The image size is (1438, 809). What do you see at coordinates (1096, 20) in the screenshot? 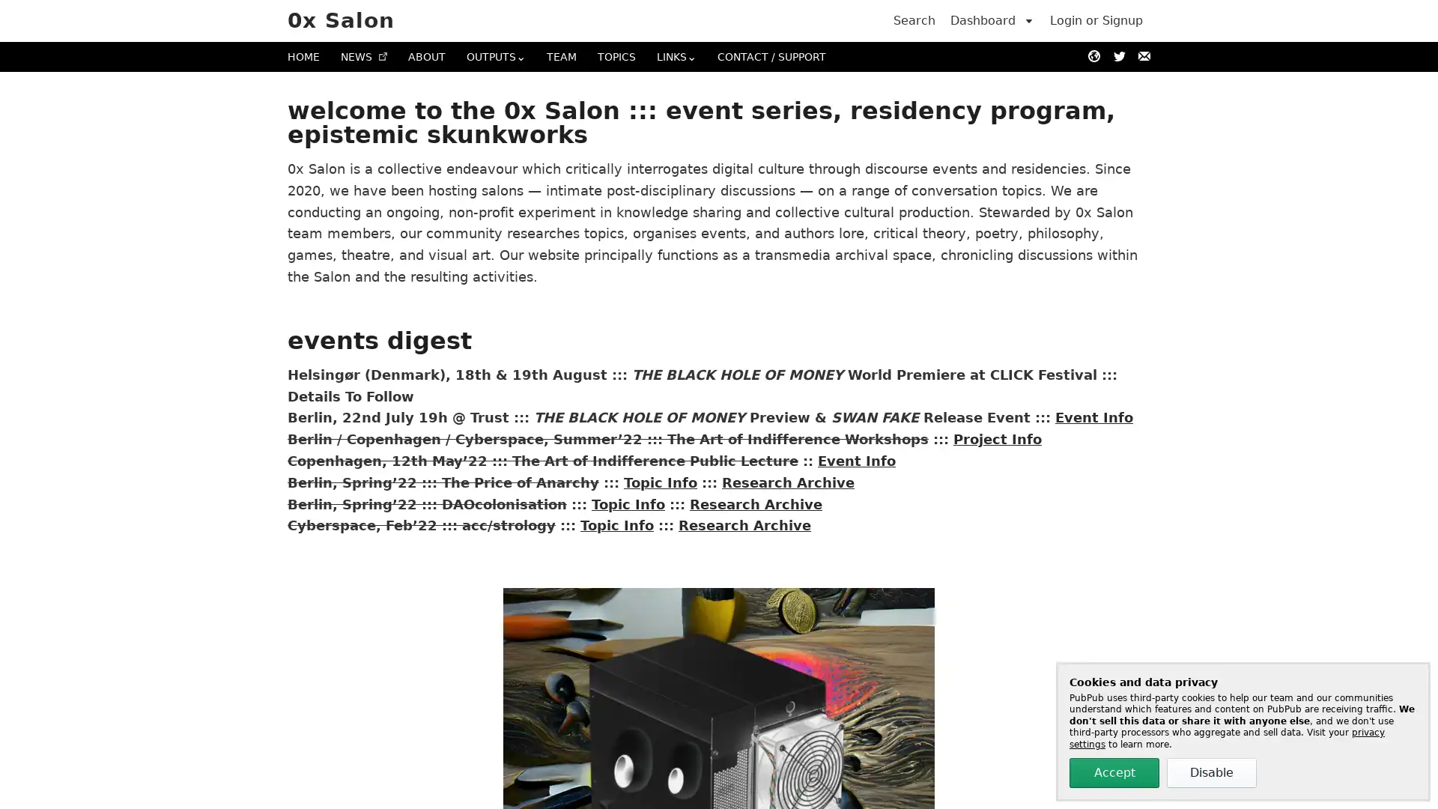
I see `Login or Signup` at bounding box center [1096, 20].